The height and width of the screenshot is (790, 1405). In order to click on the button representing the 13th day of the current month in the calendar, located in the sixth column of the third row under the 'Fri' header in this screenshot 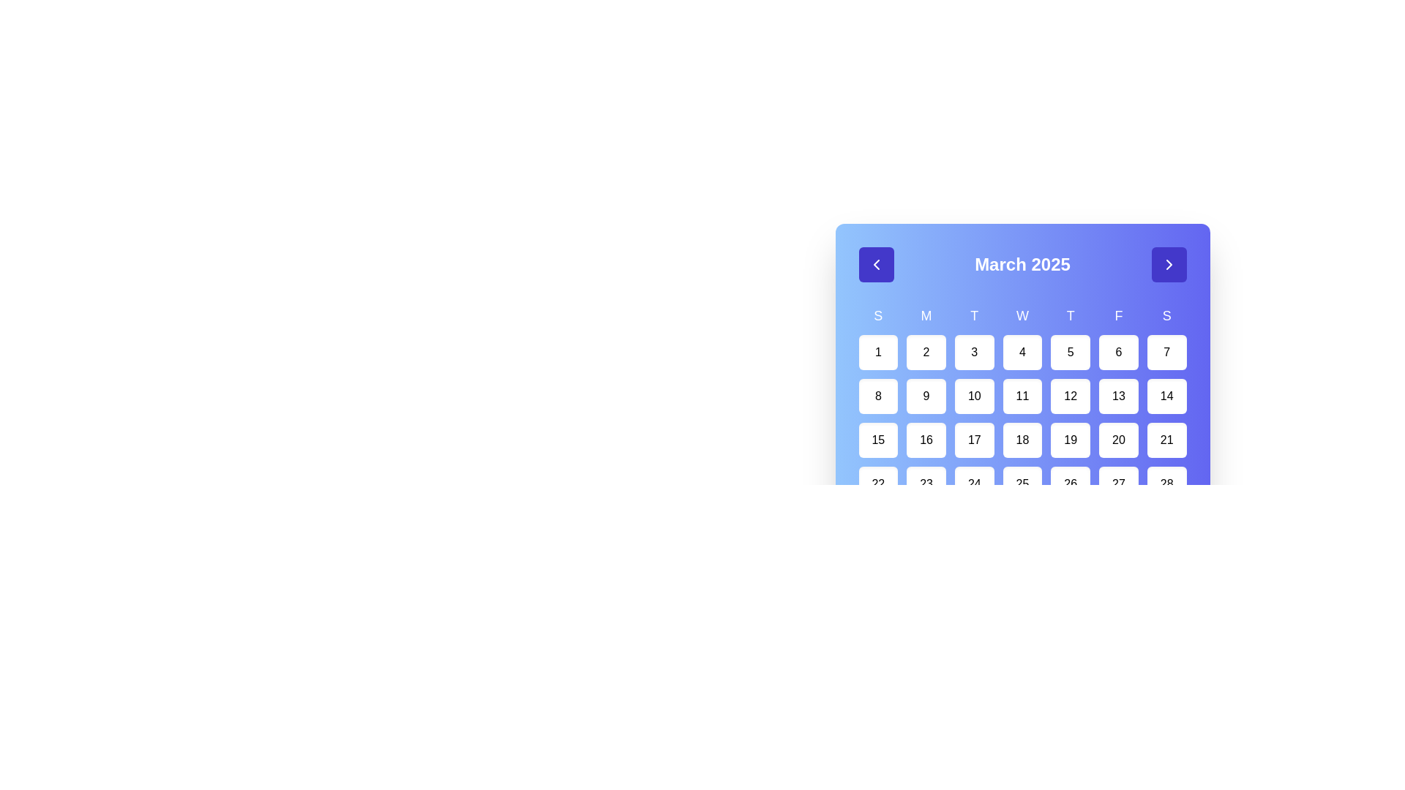, I will do `click(1117, 396)`.